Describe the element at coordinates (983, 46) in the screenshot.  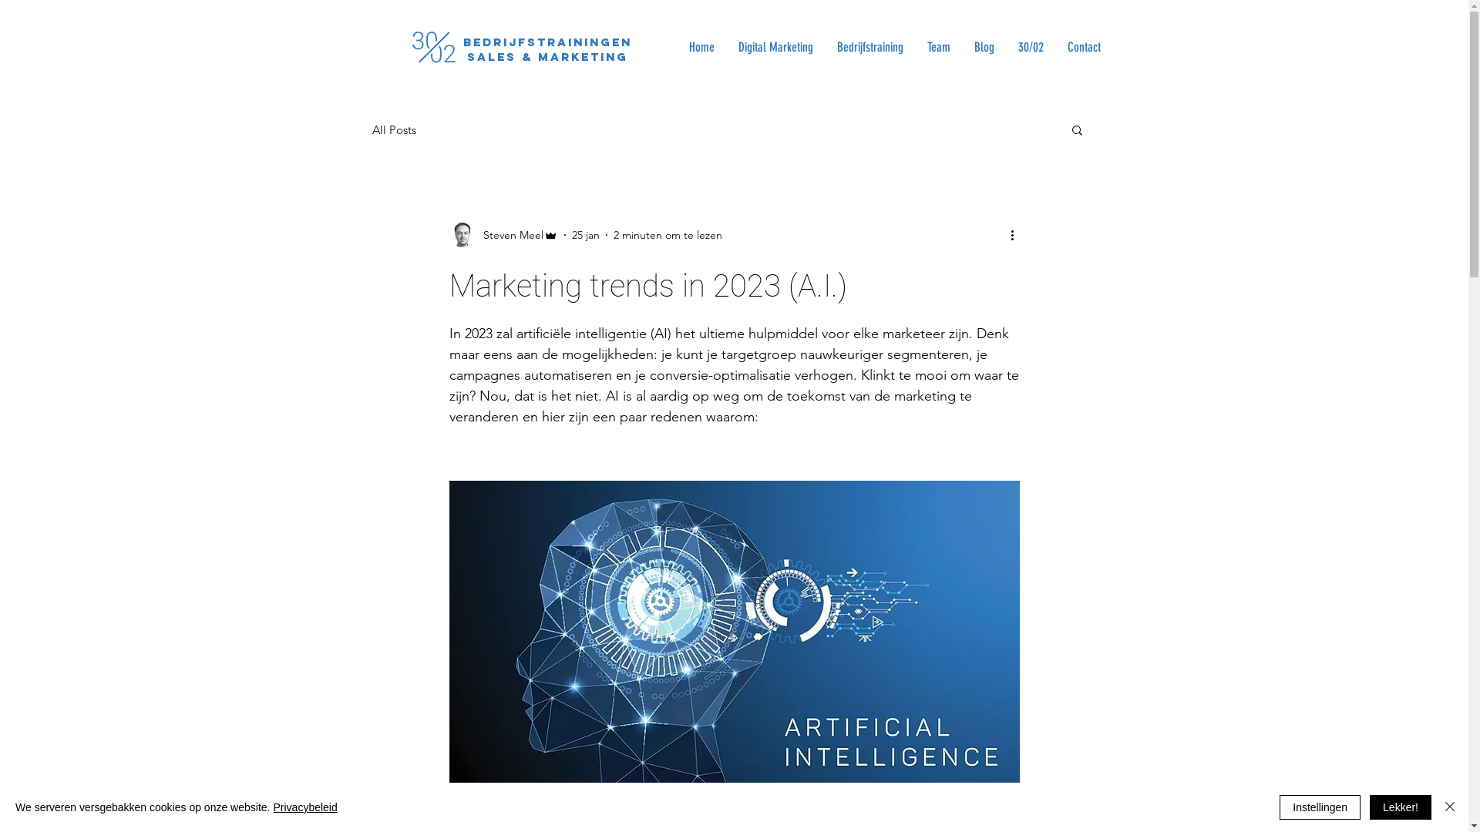
I see `'Blog'` at that location.